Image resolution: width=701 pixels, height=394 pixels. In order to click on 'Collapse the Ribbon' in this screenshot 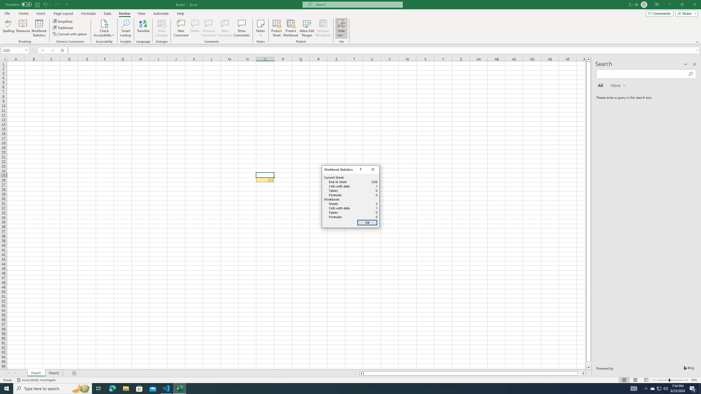, I will do `click(697, 42)`.